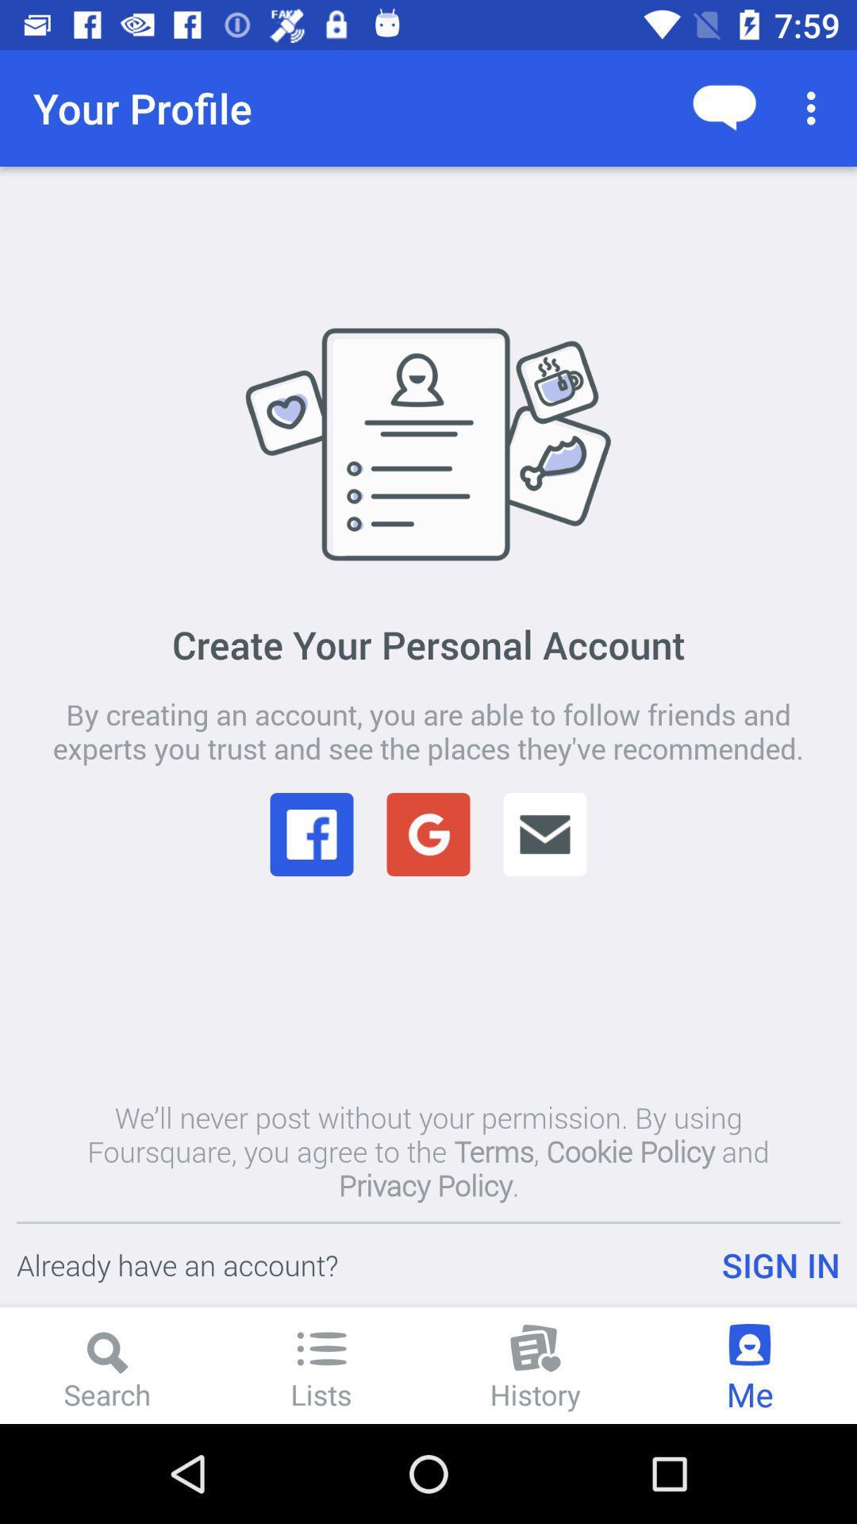 This screenshot has width=857, height=1524. I want to click on the email icon, so click(544, 833).